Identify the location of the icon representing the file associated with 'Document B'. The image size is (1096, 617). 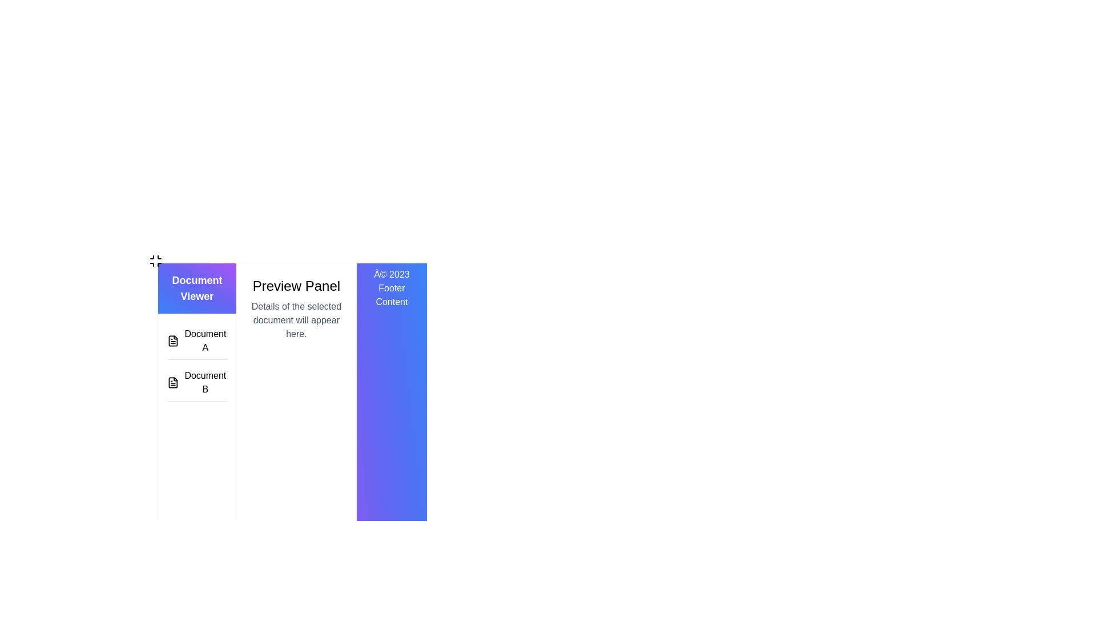
(172, 383).